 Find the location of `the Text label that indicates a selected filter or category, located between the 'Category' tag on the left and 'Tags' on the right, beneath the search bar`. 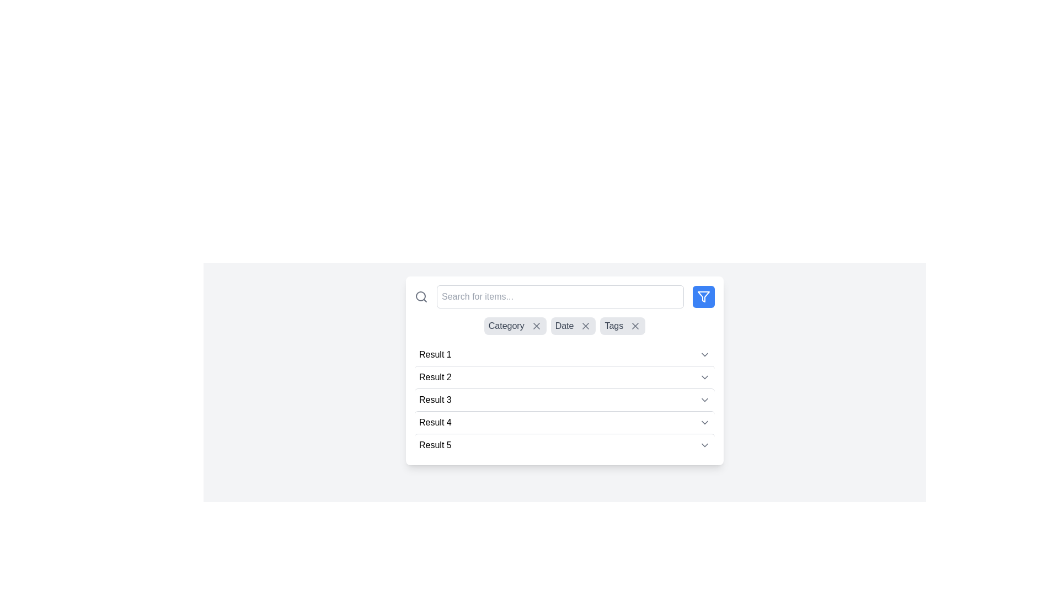

the Text label that indicates a selected filter or category, located between the 'Category' tag on the left and 'Tags' on the right, beneath the search bar is located at coordinates (564, 325).